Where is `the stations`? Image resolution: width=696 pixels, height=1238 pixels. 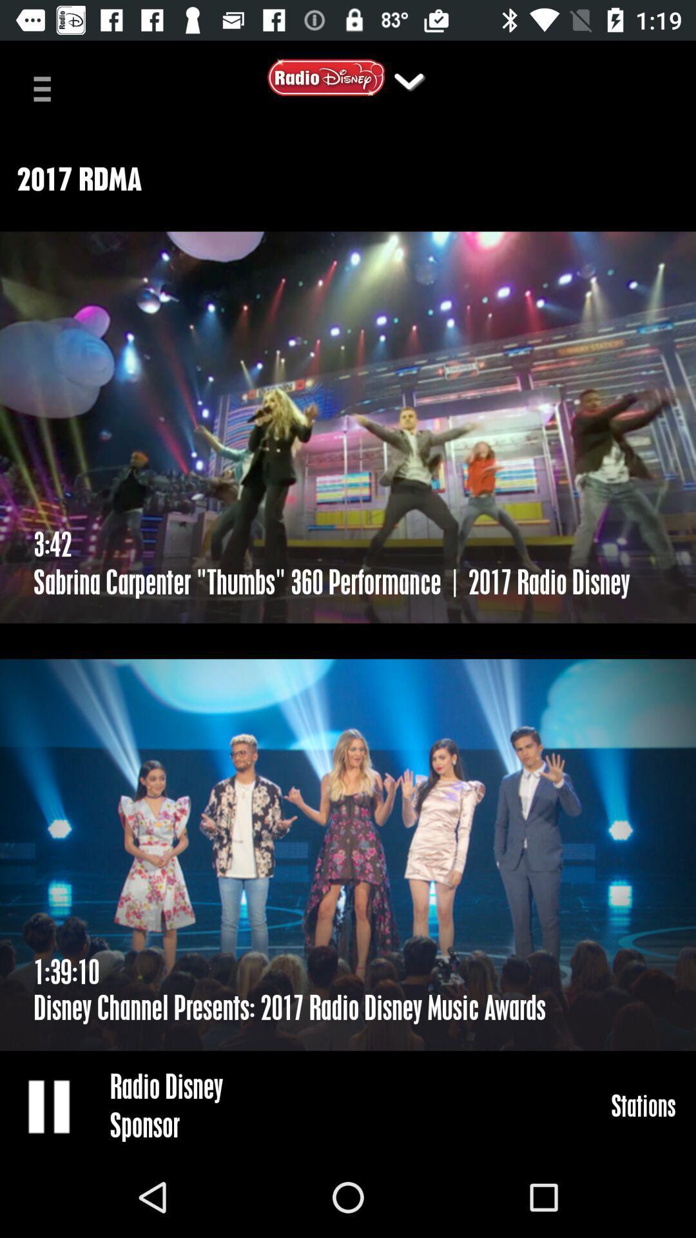 the stations is located at coordinates (643, 1105).